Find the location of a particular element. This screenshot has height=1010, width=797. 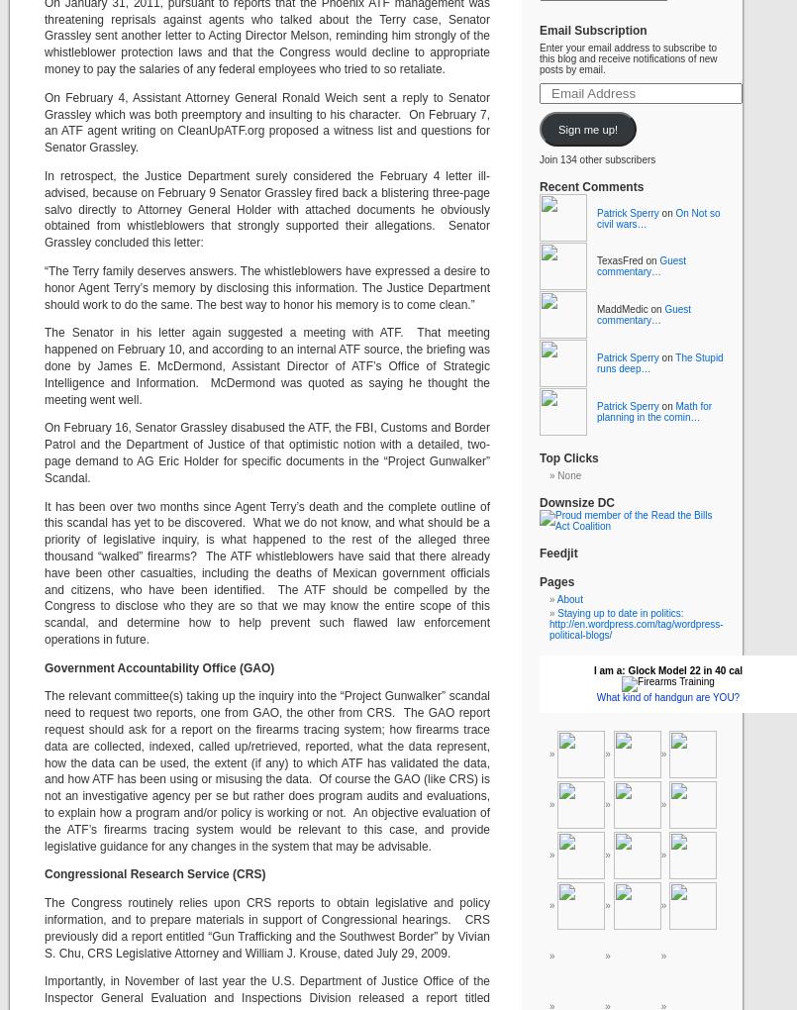

'Join 134 other subscribers' is located at coordinates (597, 159).